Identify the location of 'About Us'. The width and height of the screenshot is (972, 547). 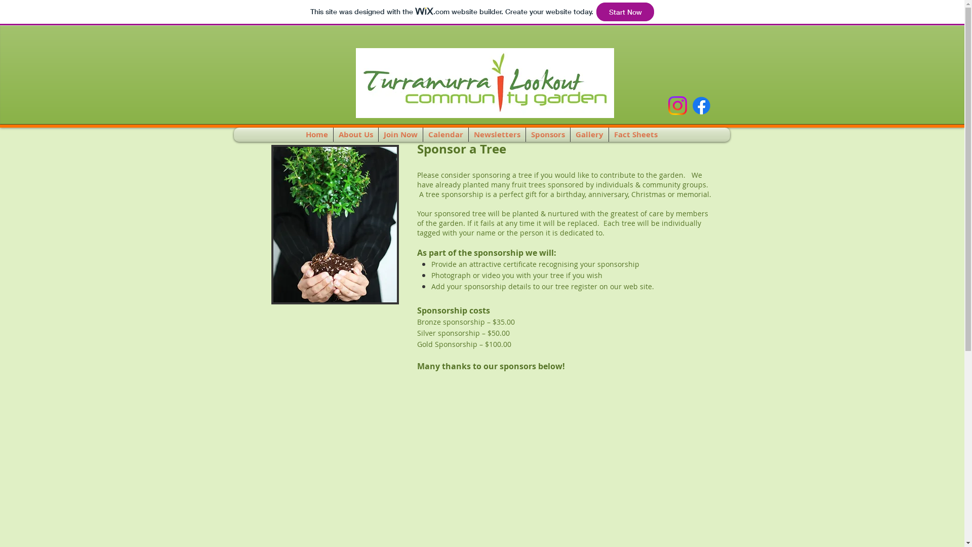
(333, 134).